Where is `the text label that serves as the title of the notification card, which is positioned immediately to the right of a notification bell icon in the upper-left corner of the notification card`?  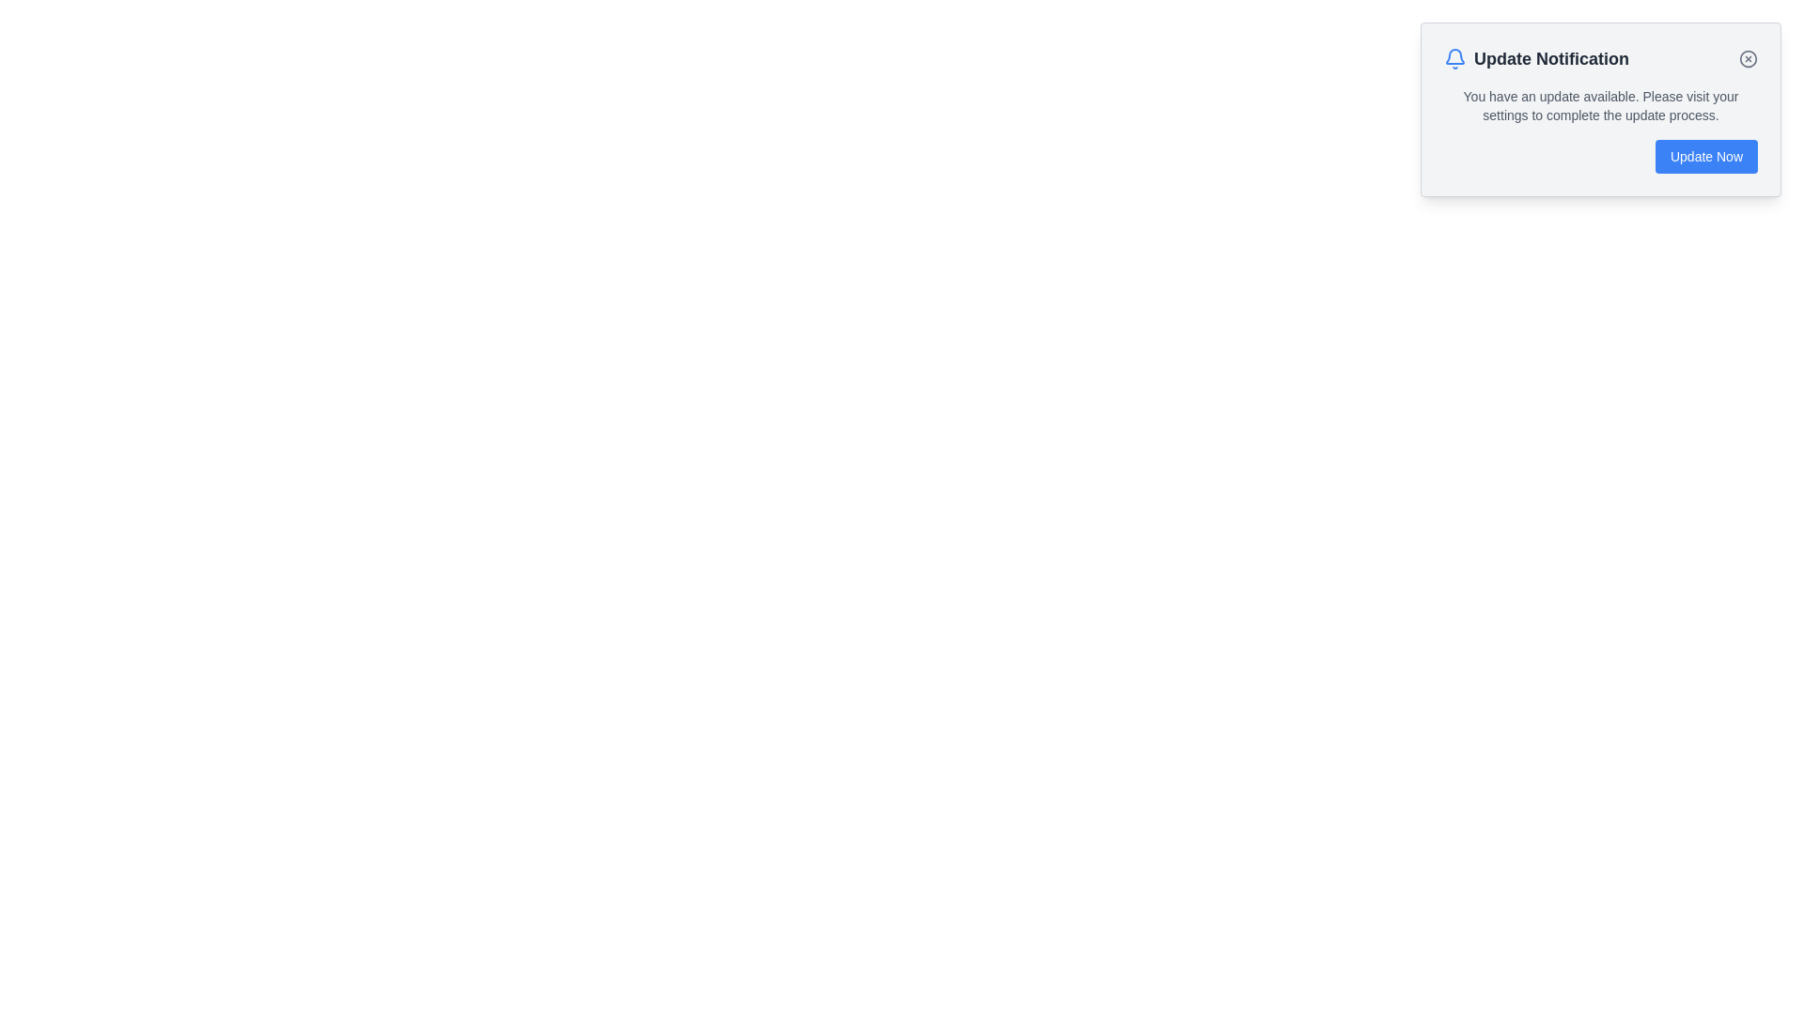 the text label that serves as the title of the notification card, which is positioned immediately to the right of a notification bell icon in the upper-left corner of the notification card is located at coordinates (1551, 57).